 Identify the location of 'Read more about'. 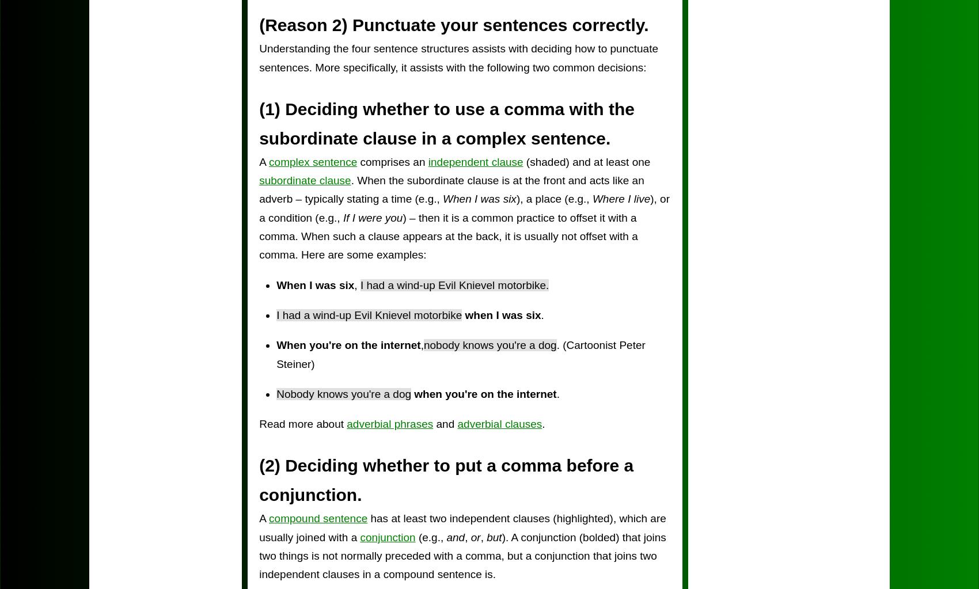
(302, 424).